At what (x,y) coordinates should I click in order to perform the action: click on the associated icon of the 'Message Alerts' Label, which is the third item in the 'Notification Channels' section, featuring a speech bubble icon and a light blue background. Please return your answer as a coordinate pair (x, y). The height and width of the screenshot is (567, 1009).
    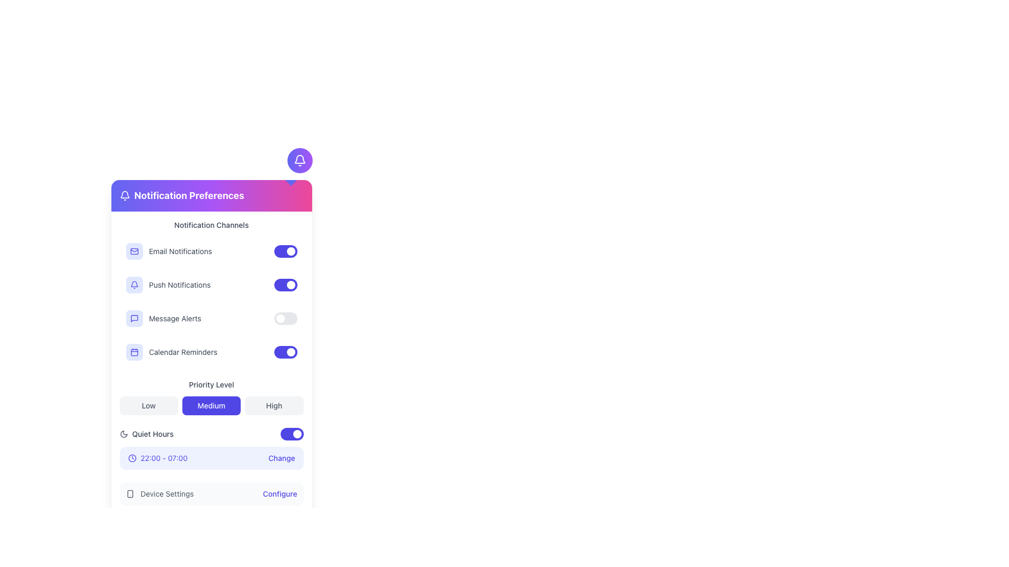
    Looking at the image, I should click on (163, 318).